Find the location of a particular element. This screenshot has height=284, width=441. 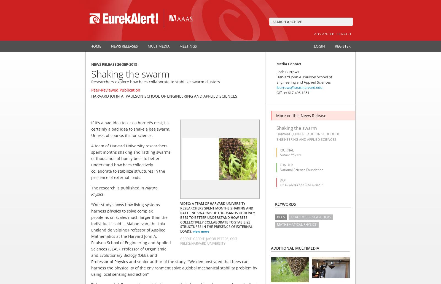

'view' is located at coordinates (197, 231).